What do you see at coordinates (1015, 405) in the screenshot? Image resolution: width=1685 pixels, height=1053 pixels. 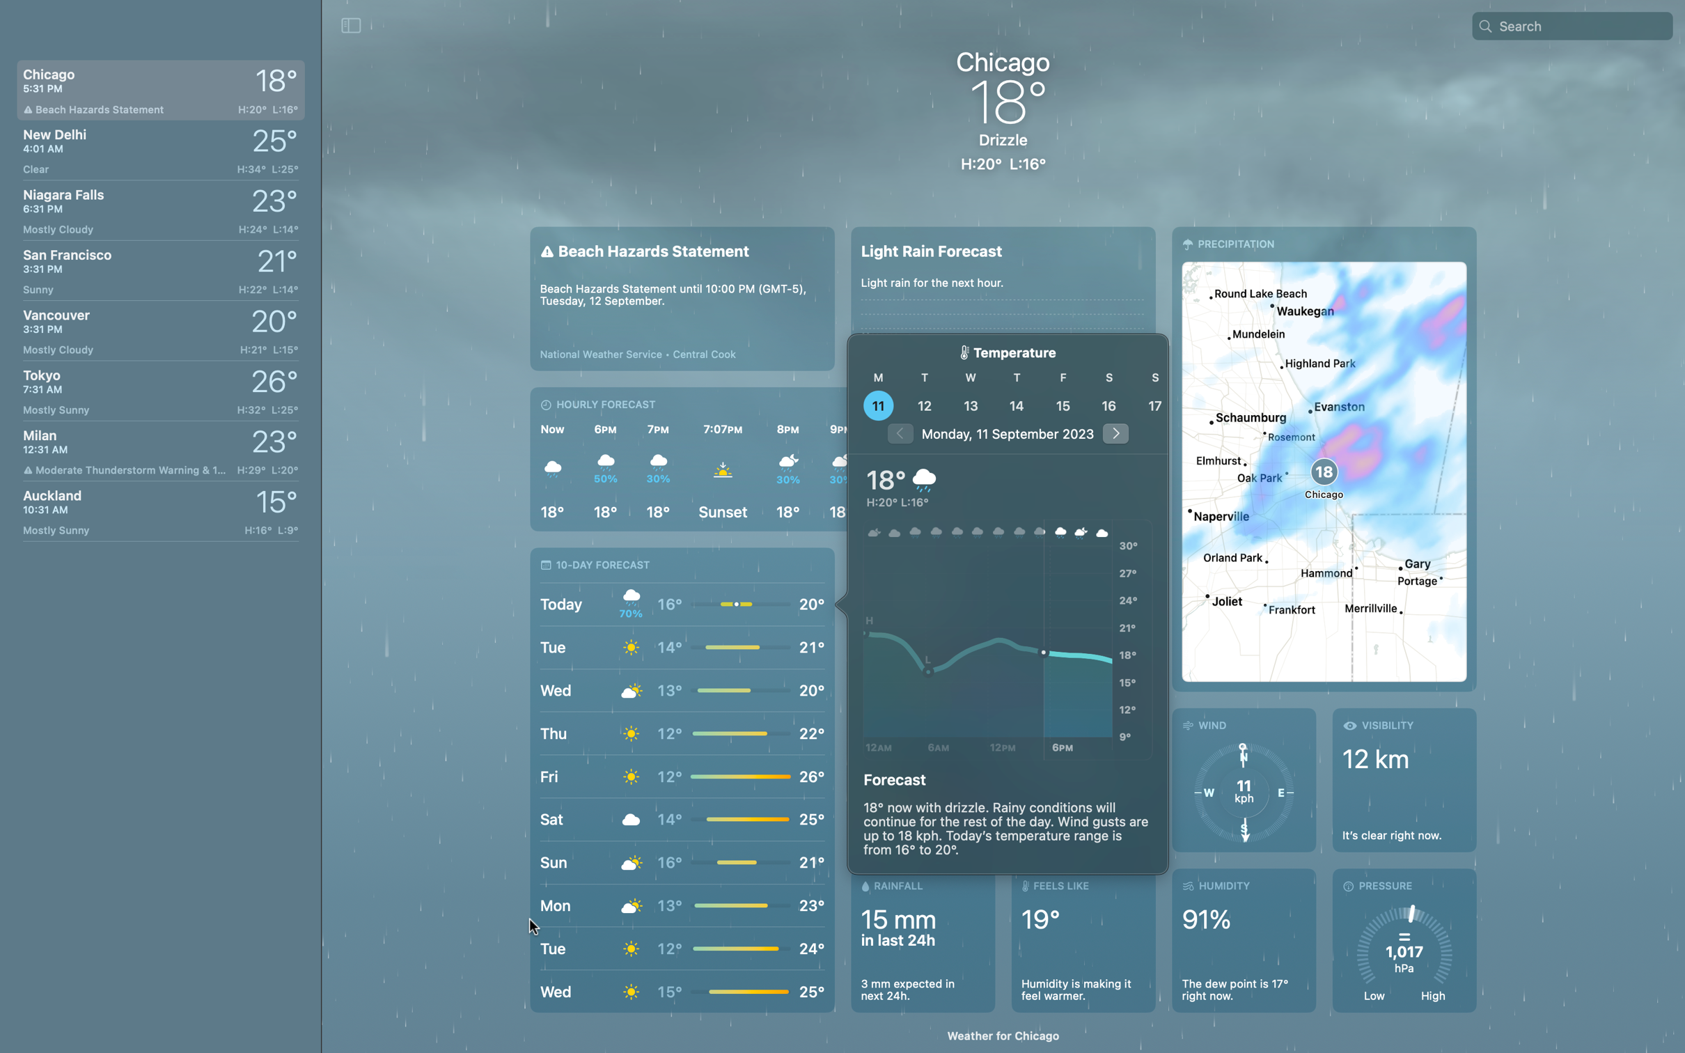 I see `View the weather on the 14th` at bounding box center [1015, 405].